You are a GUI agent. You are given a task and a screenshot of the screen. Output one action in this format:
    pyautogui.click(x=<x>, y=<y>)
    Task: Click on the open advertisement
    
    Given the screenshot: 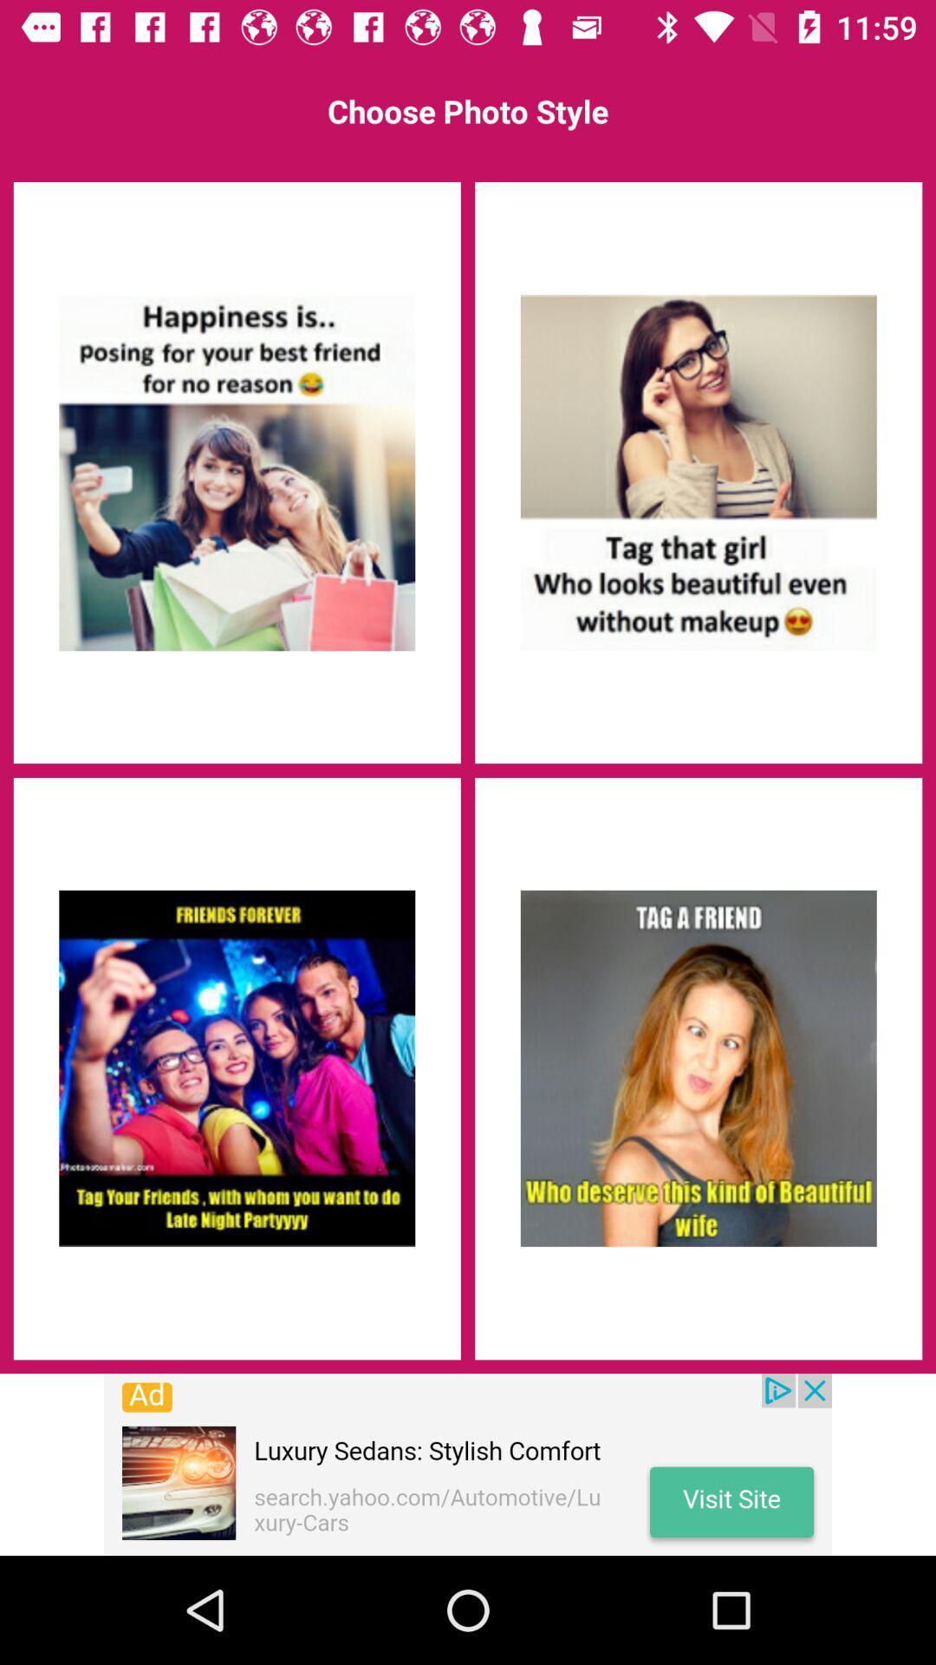 What is the action you would take?
    pyautogui.click(x=468, y=1464)
    